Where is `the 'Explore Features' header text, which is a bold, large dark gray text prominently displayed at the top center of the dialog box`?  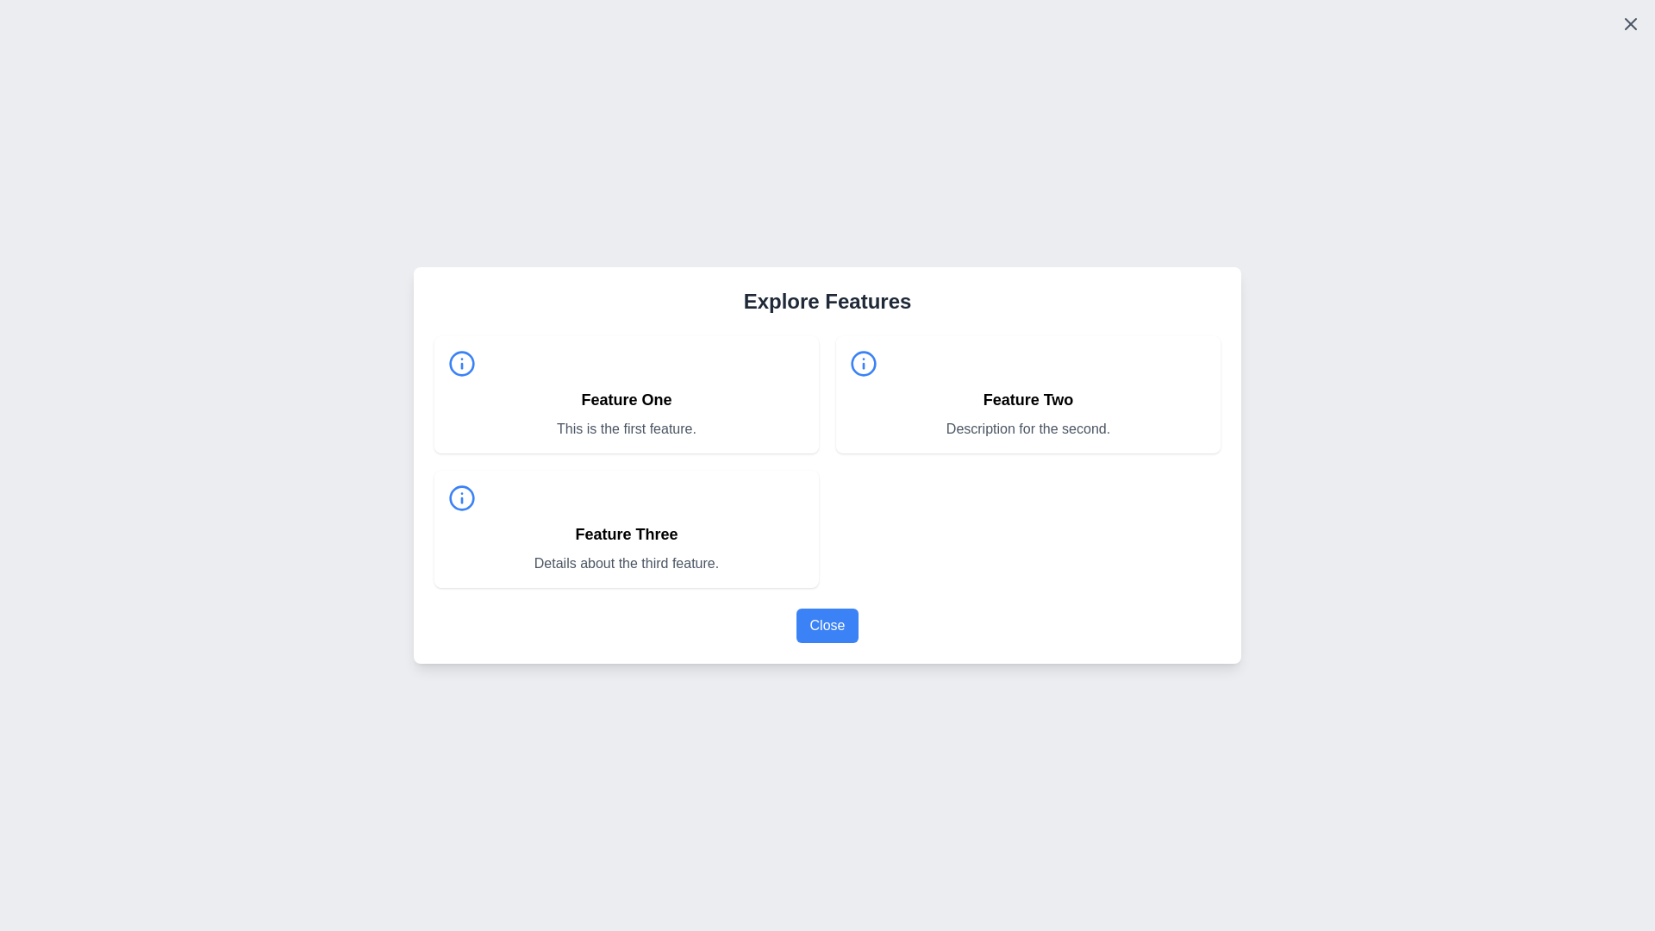 the 'Explore Features' header text, which is a bold, large dark gray text prominently displayed at the top center of the dialog box is located at coordinates (827, 301).